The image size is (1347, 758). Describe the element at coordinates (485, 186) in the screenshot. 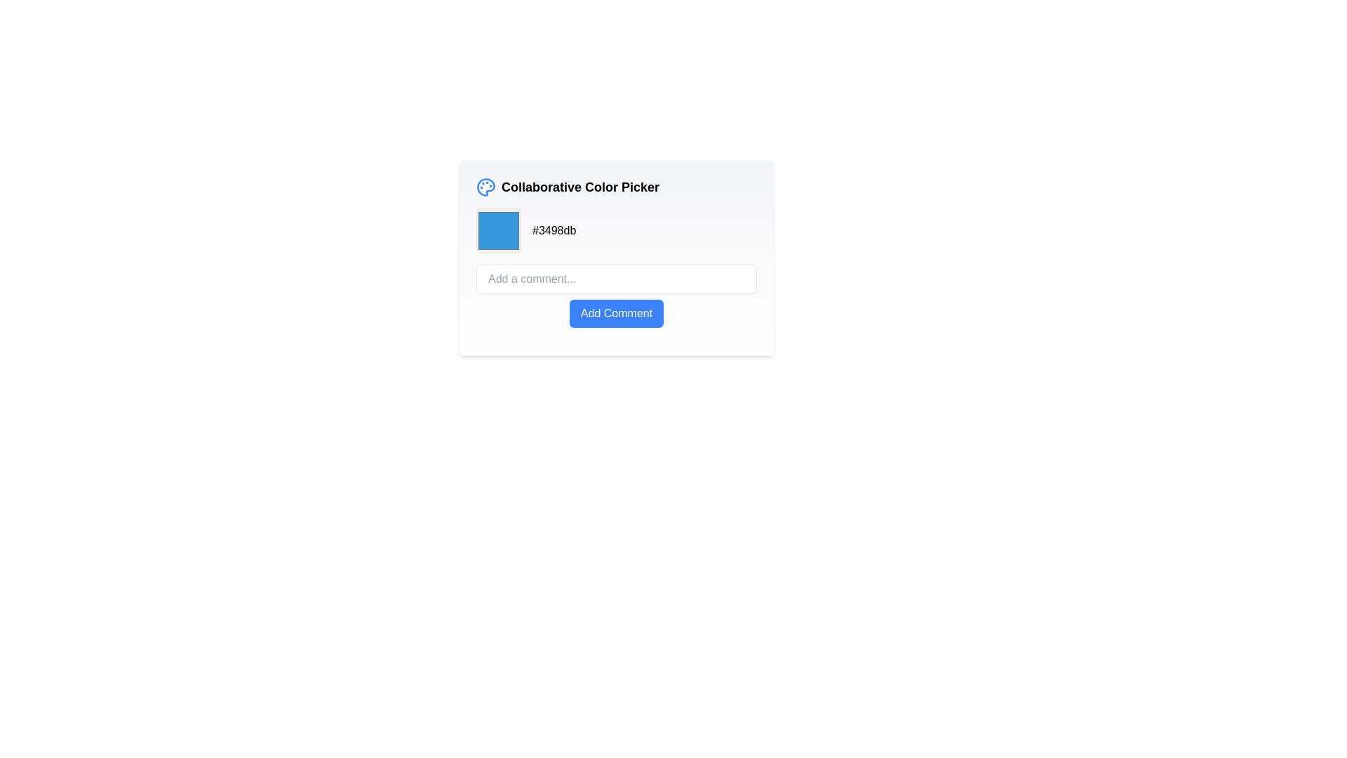

I see `the blue decorative palette icon located beside the title text 'Collaborative Color Picker'` at that location.